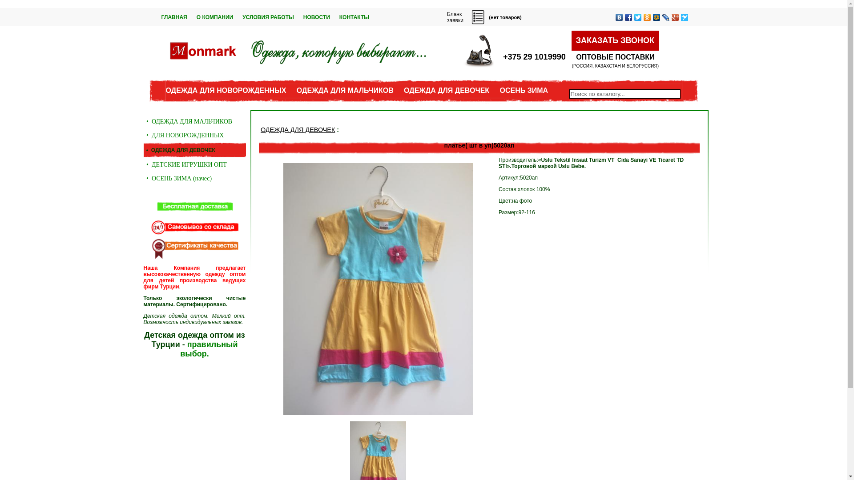 The height and width of the screenshot is (480, 854). What do you see at coordinates (684, 17) in the screenshot?
I see `'Surfingbird'` at bounding box center [684, 17].